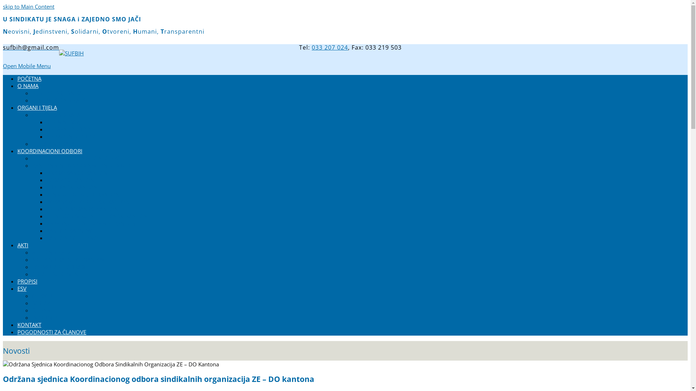 The width and height of the screenshot is (696, 391). What do you see at coordinates (82, 165) in the screenshot?
I see `'KANTONALNI KOORDINACIONI ODBORI'` at bounding box center [82, 165].